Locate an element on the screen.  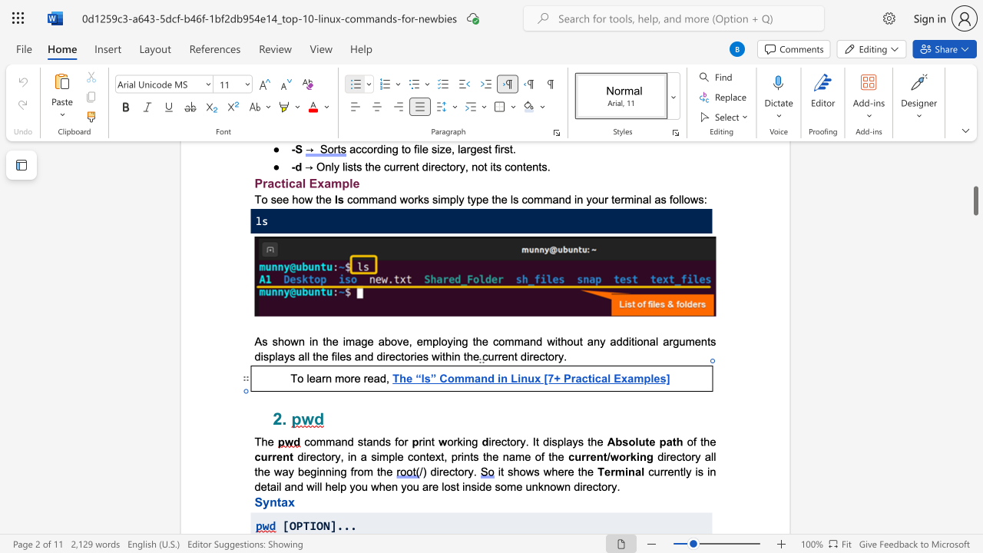
the space between the continuous character "r" and "e" in the text is located at coordinates (590, 455).